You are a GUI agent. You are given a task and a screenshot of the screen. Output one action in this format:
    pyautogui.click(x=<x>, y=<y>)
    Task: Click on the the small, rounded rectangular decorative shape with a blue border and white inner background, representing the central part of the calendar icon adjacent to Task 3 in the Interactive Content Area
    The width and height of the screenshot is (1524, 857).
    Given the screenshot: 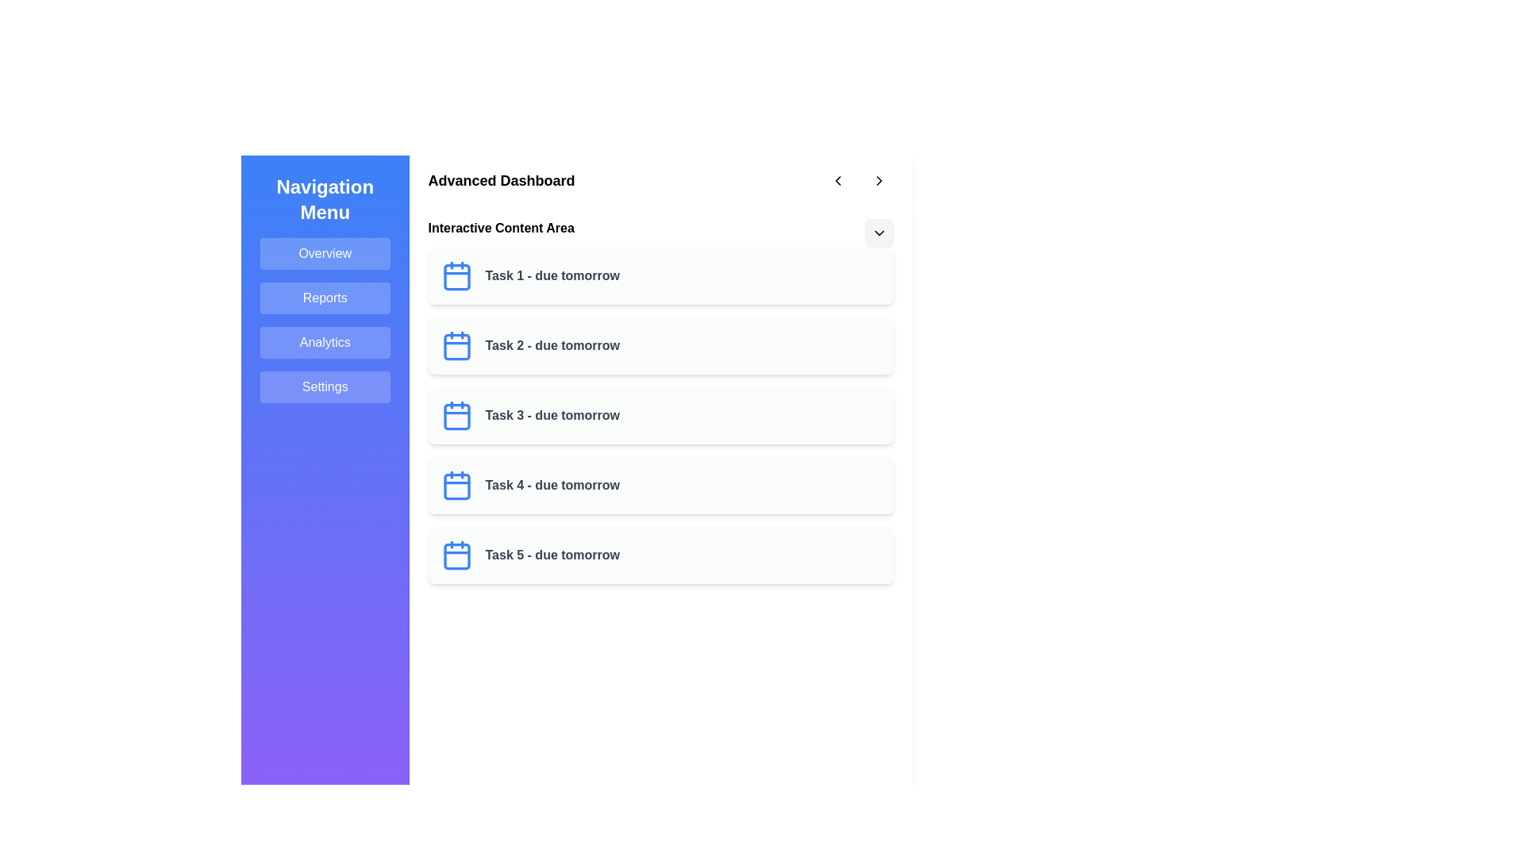 What is the action you would take?
    pyautogui.click(x=456, y=416)
    